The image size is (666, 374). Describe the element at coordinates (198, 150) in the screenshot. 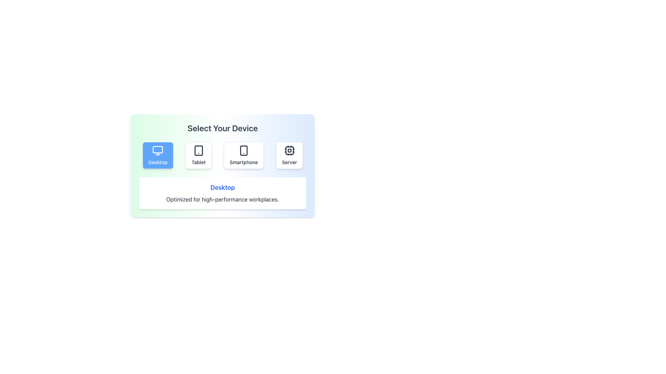

I see `the central rectangular shape of the 'Tablet' icon, which is the second device option in the horizontally aligned group of four device icons located below the heading 'Select Your Device'` at that location.